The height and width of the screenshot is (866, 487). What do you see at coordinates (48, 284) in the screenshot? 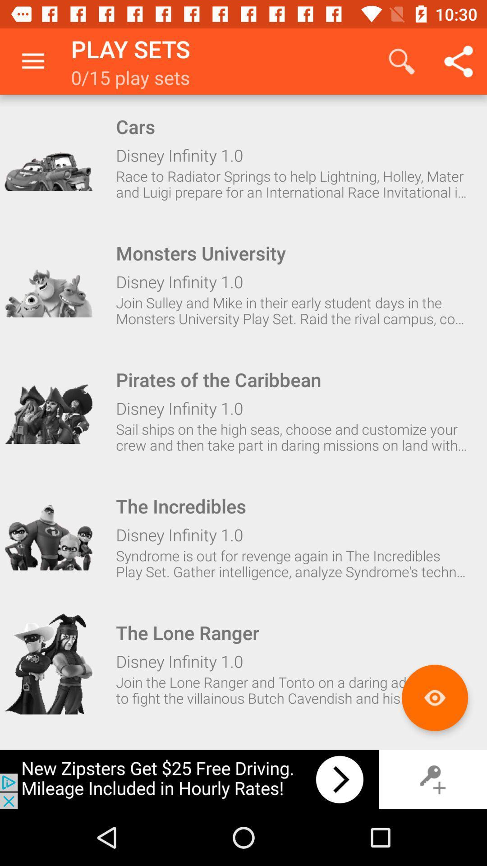
I see `follow` at bounding box center [48, 284].